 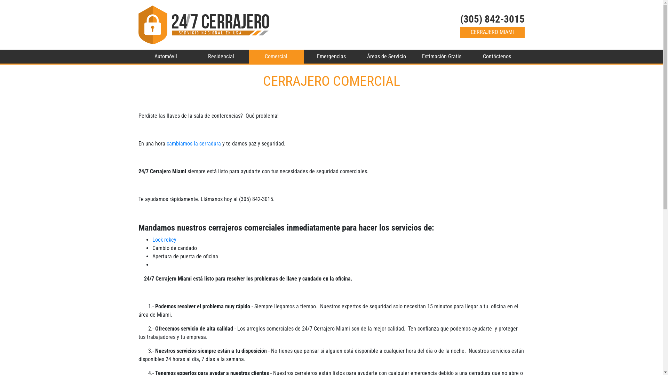 What do you see at coordinates (276, 56) in the screenshot?
I see `'Comercial'` at bounding box center [276, 56].